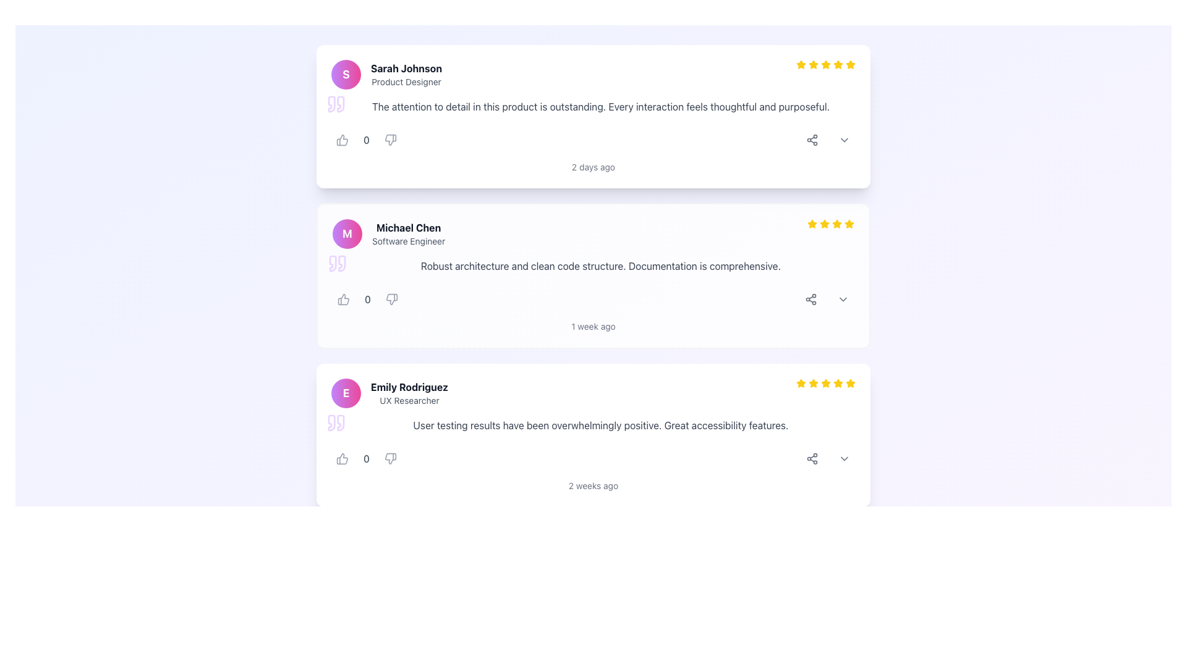  Describe the element at coordinates (593, 425) in the screenshot. I see `the text block below 'Emily Rodriguez' and 'UX Researcher'` at that location.